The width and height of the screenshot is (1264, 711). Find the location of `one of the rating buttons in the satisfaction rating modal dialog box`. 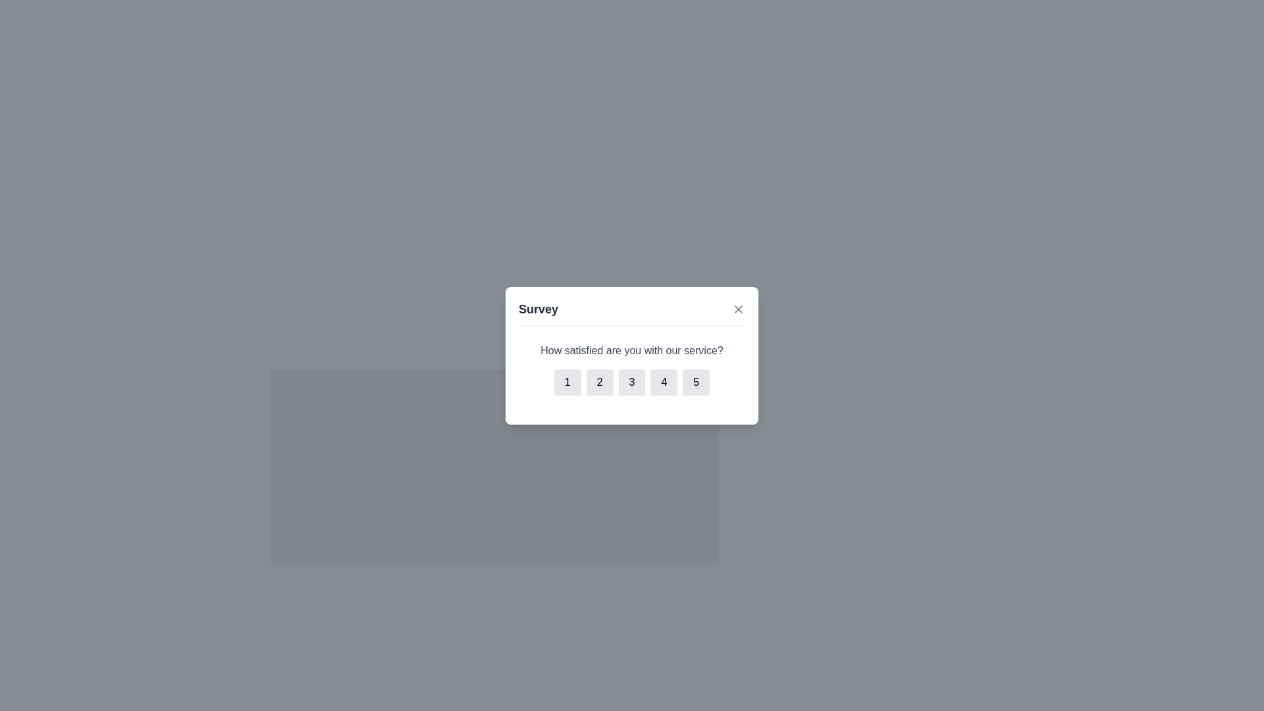

one of the rating buttons in the satisfaction rating modal dialog box is located at coordinates (632, 355).